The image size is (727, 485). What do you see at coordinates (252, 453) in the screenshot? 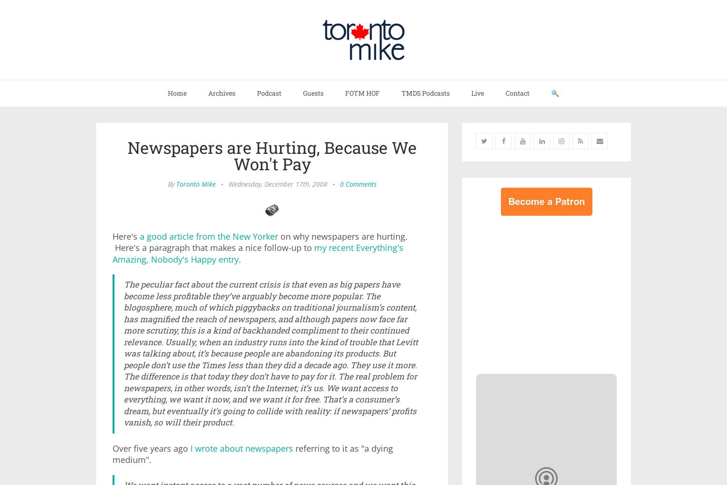
I see `'referring to it as "a dying medium".'` at bounding box center [252, 453].